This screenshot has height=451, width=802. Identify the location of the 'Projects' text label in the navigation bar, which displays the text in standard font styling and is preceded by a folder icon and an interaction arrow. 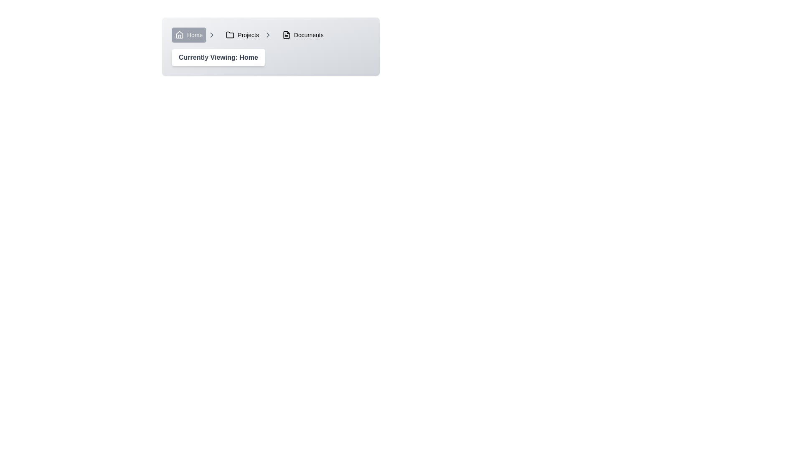
(248, 35).